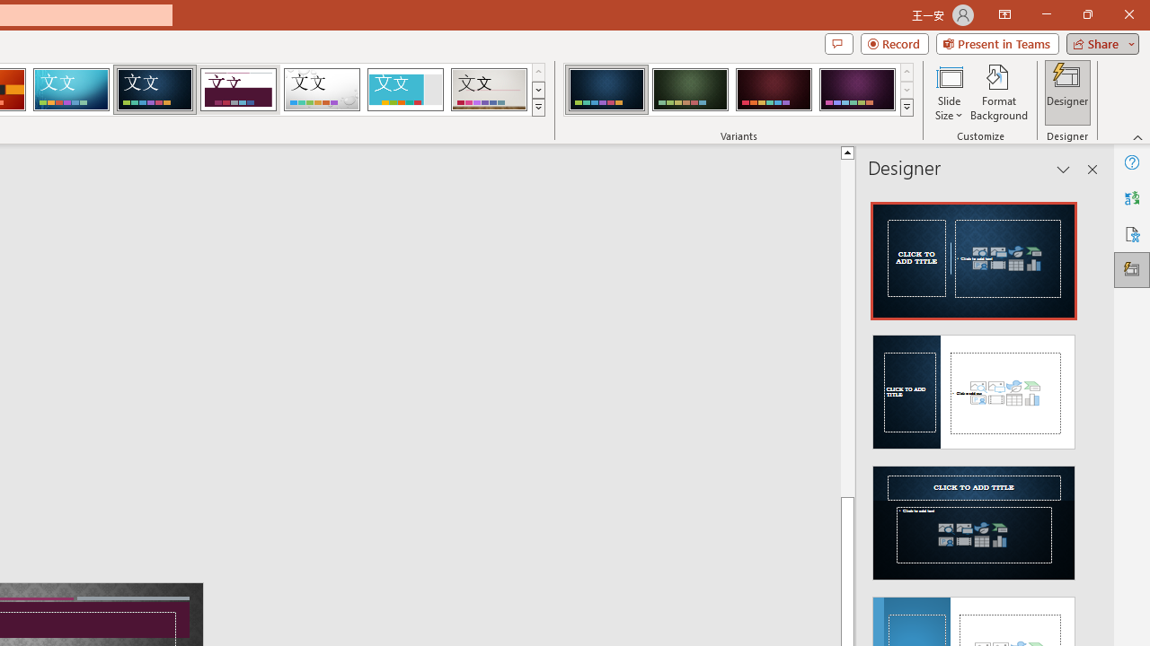 This screenshot has height=646, width=1150. Describe the element at coordinates (1092, 170) in the screenshot. I see `'Close pane'` at that location.